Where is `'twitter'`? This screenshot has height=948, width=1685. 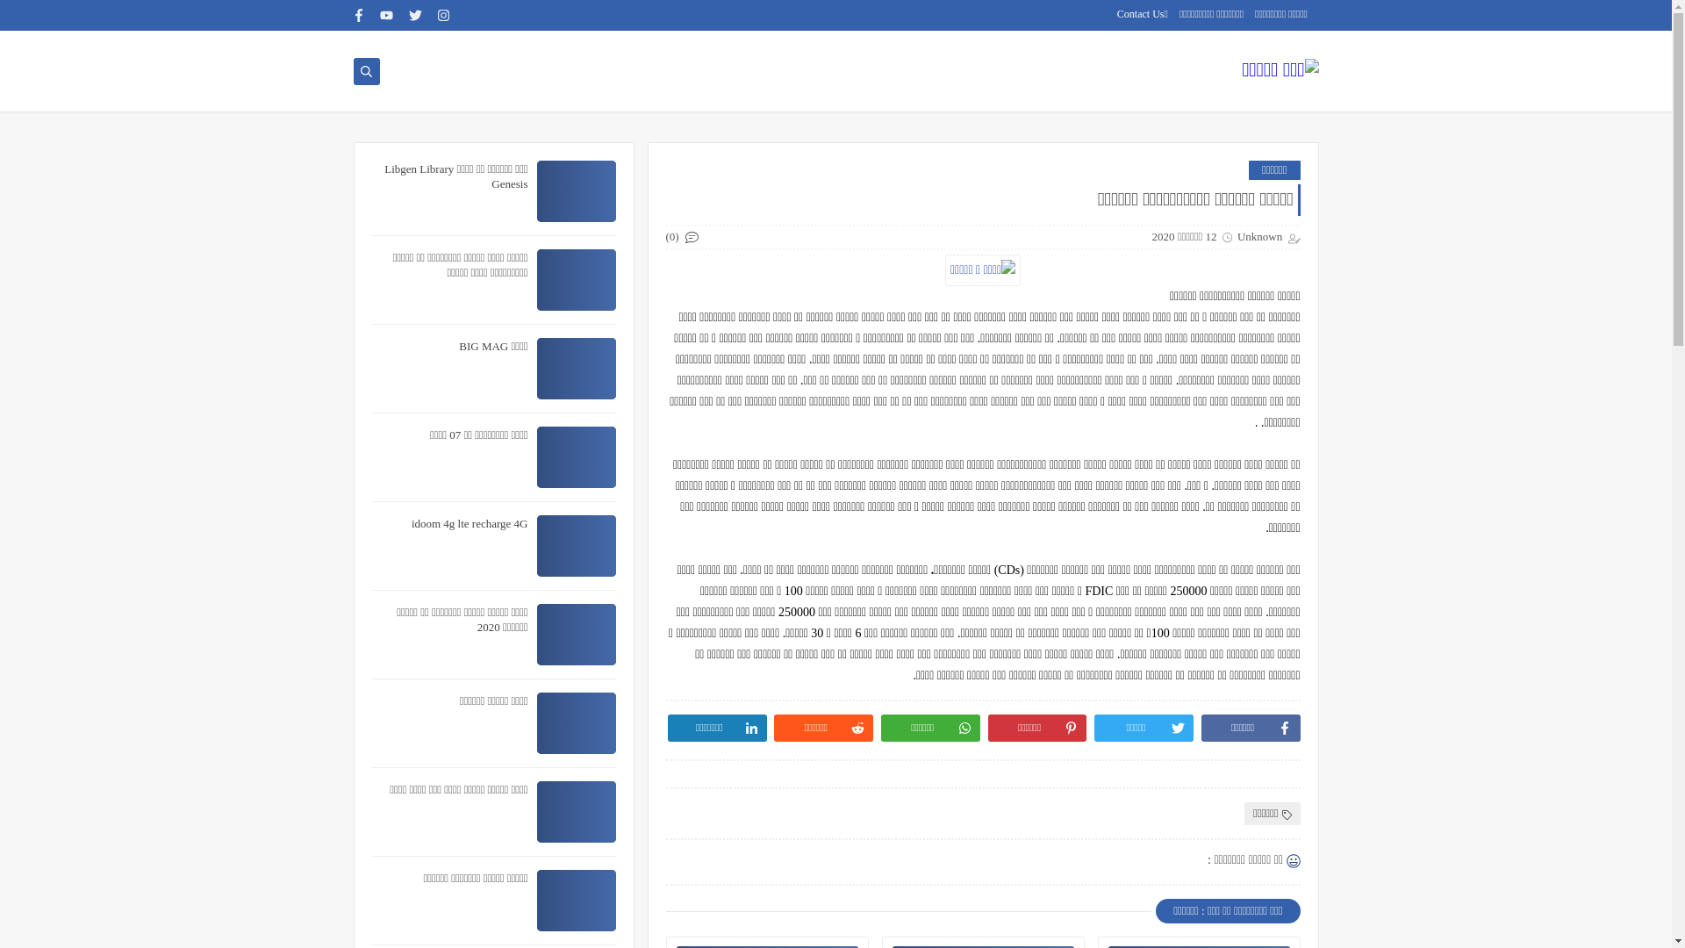
'twitter' is located at coordinates (414, 15).